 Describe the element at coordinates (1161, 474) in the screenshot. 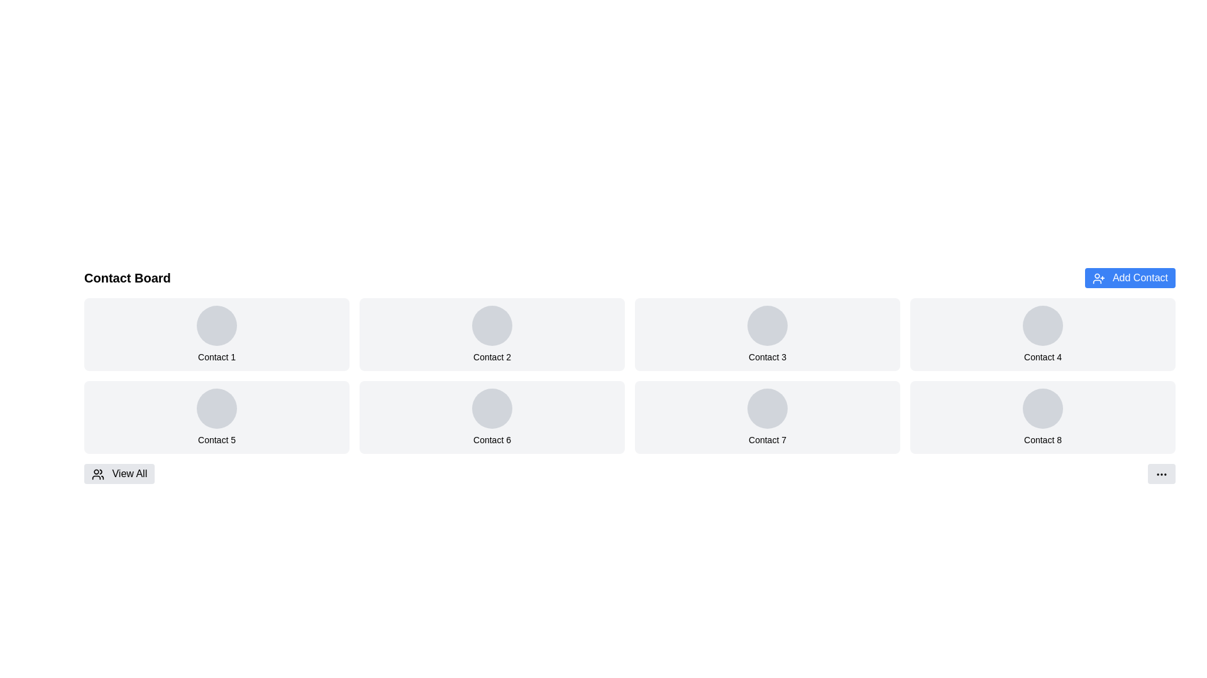

I see `the ellipsis icon, which is a compact set of three dots arranged in a row, located within a light-grey rounded rectangular button at the bottom-right corner of the interface` at that location.